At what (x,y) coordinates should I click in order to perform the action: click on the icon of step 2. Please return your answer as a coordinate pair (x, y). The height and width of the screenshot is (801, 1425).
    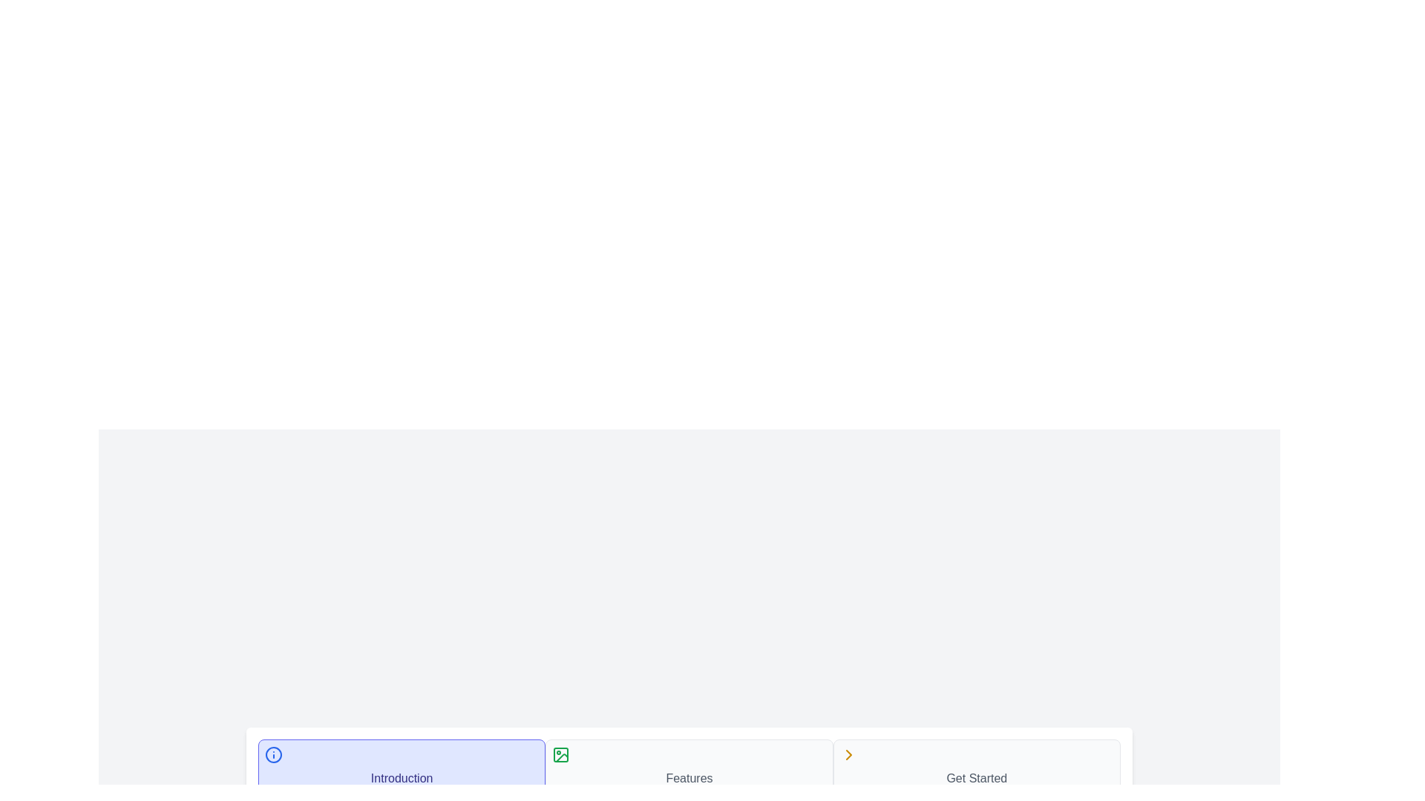
    Looking at the image, I should click on (560, 755).